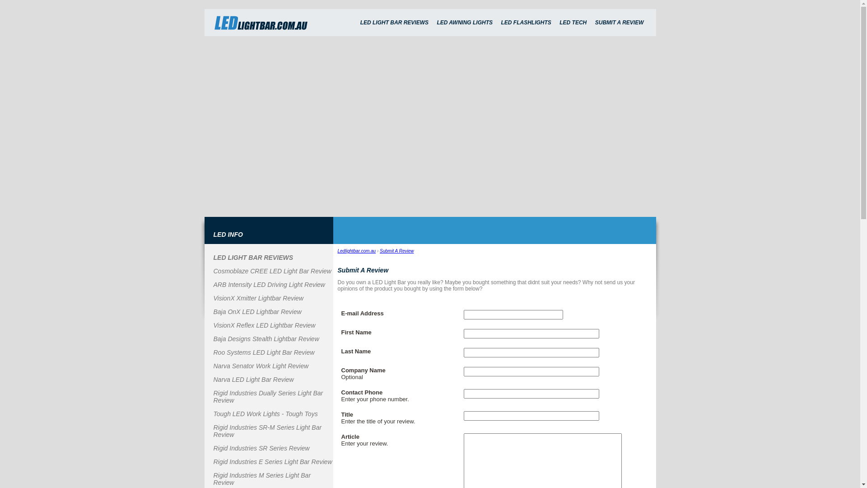  What do you see at coordinates (271, 271) in the screenshot?
I see `'Cosmoblaze CREE LED Light Bar Review'` at bounding box center [271, 271].